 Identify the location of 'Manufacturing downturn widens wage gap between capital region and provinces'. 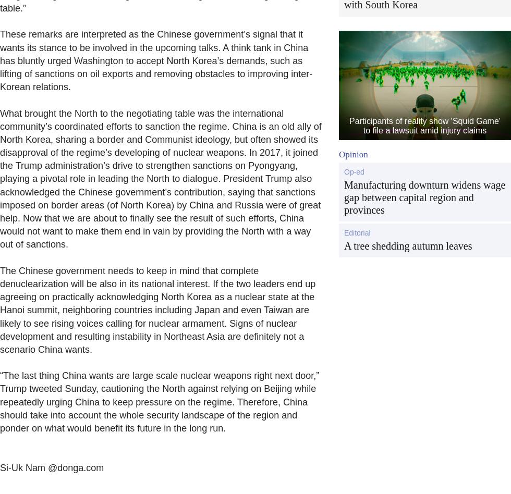
(424, 196).